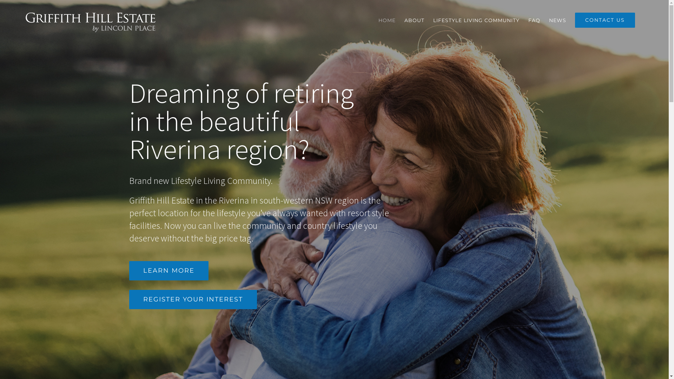 The width and height of the screenshot is (674, 379). What do you see at coordinates (604, 20) in the screenshot?
I see `'CONTACT US'` at bounding box center [604, 20].